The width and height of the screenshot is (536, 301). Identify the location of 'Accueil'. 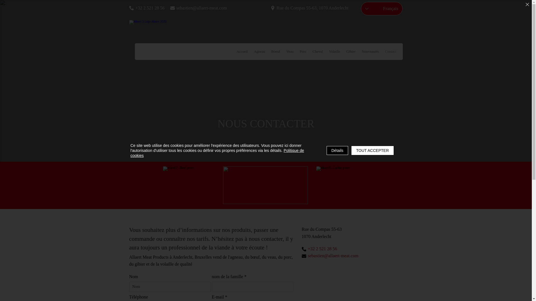
(242, 52).